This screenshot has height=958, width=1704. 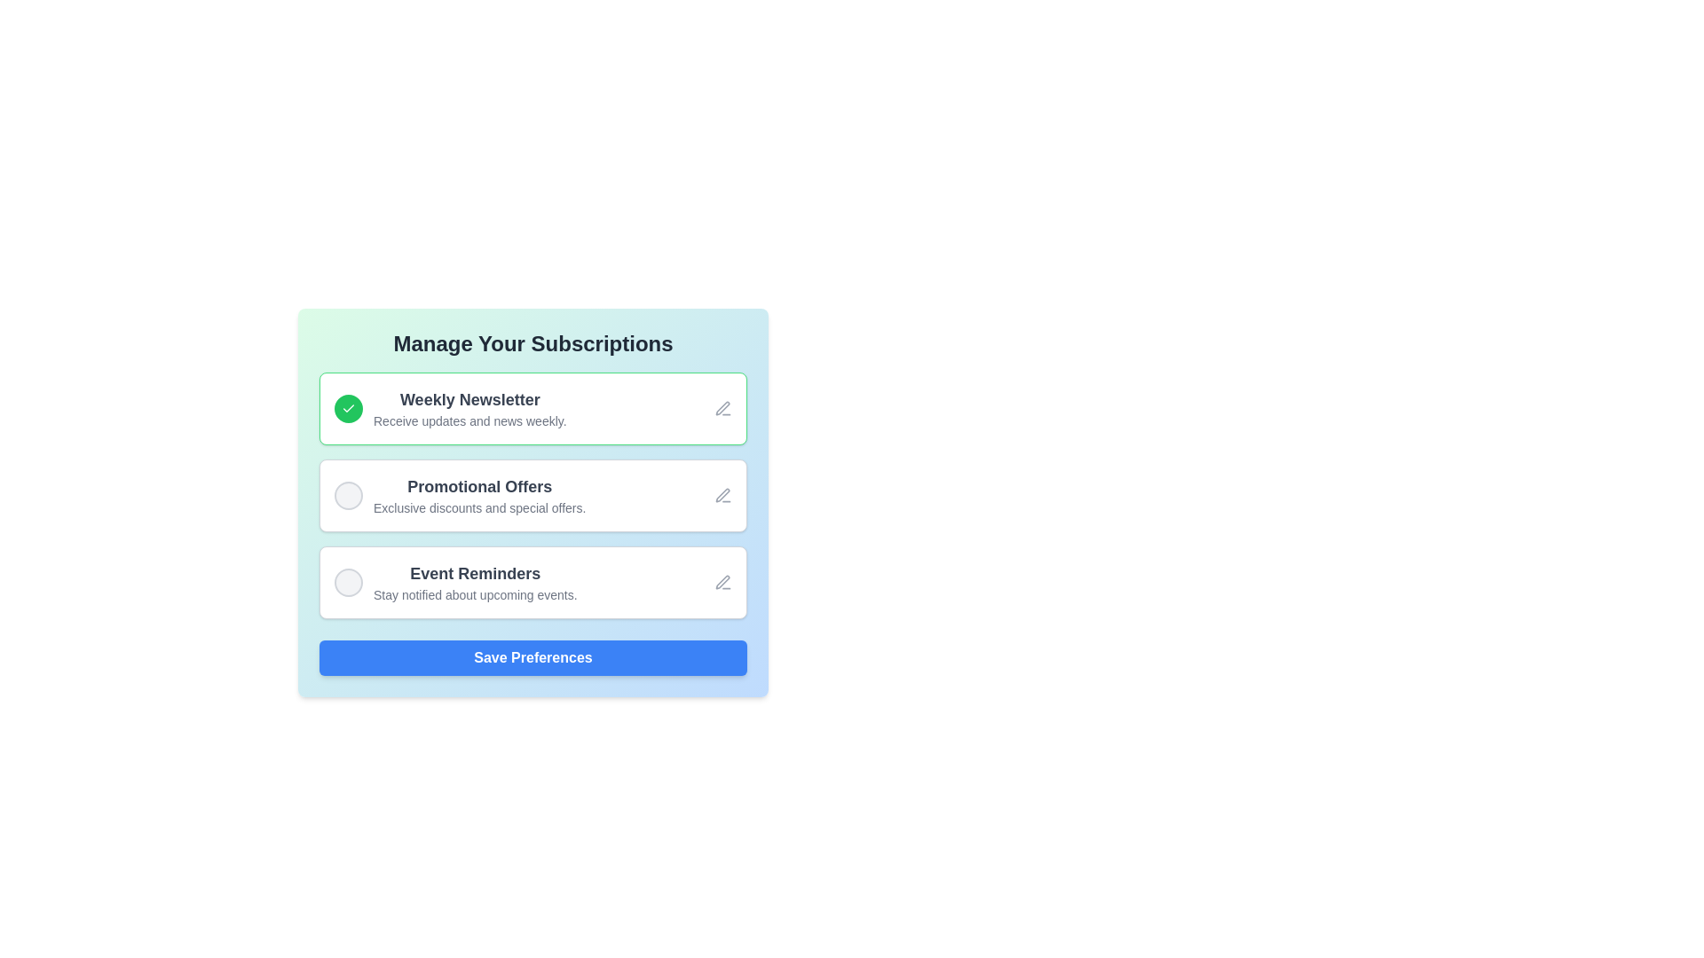 What do you see at coordinates (460, 496) in the screenshot?
I see `the circular icon associated with the 'Promotional Offers' list item, which is the second item in the subscription options` at bounding box center [460, 496].